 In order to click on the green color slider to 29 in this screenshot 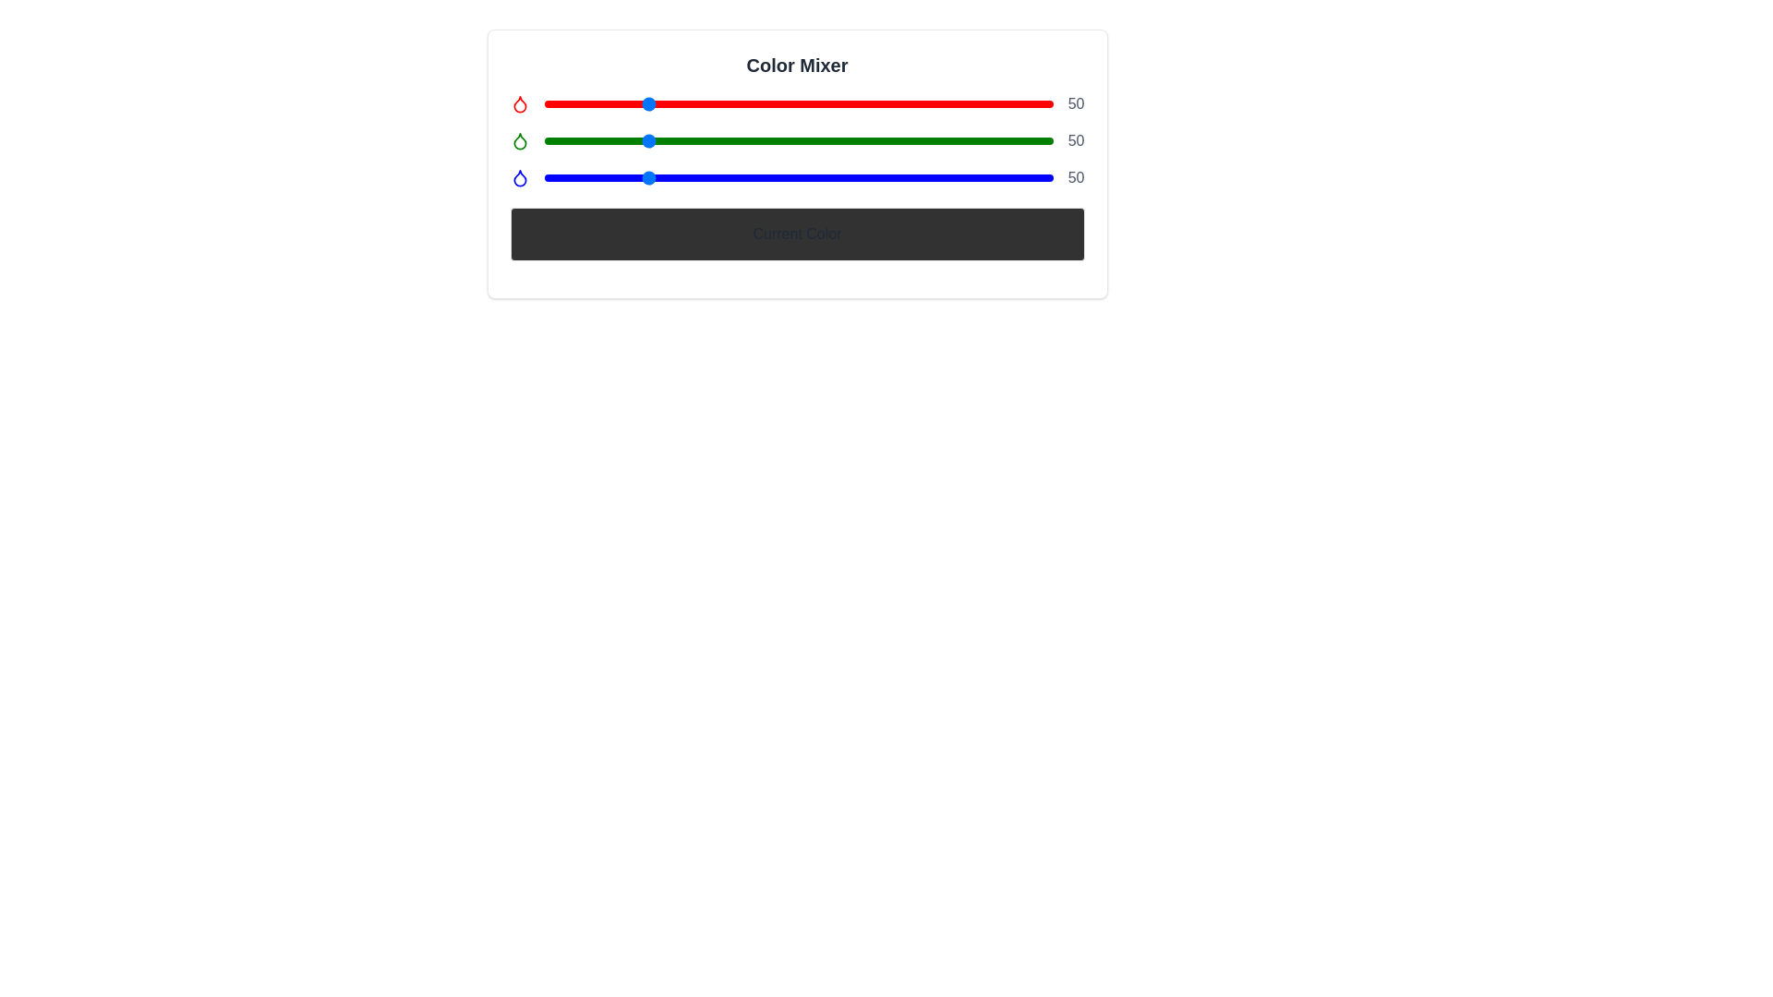, I will do `click(602, 140)`.